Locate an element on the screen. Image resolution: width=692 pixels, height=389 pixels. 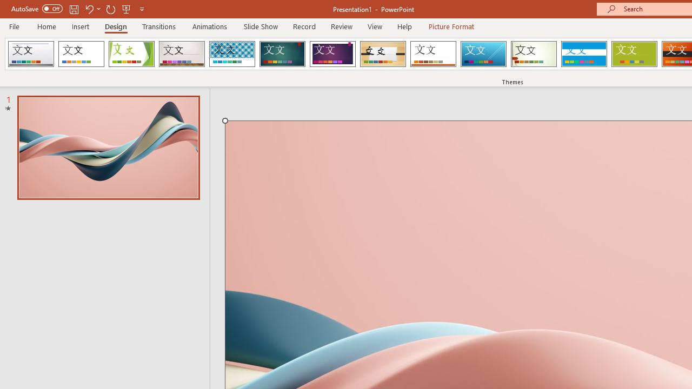
'Office Theme' is located at coordinates (81, 54).